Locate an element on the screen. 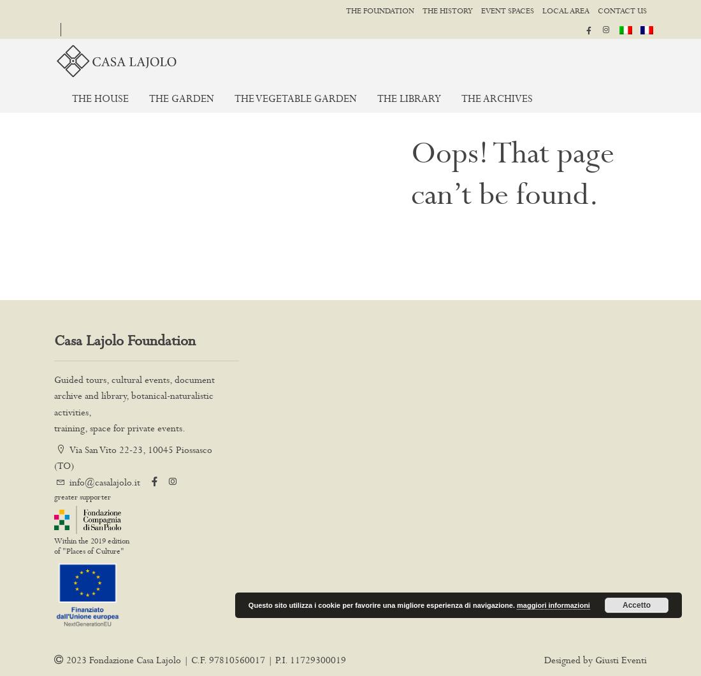 The width and height of the screenshot is (701, 676). '2023 Fondazione Casa Lajolo | C.F. 97810560017 | P.I. 11729300019' is located at coordinates (204, 659).